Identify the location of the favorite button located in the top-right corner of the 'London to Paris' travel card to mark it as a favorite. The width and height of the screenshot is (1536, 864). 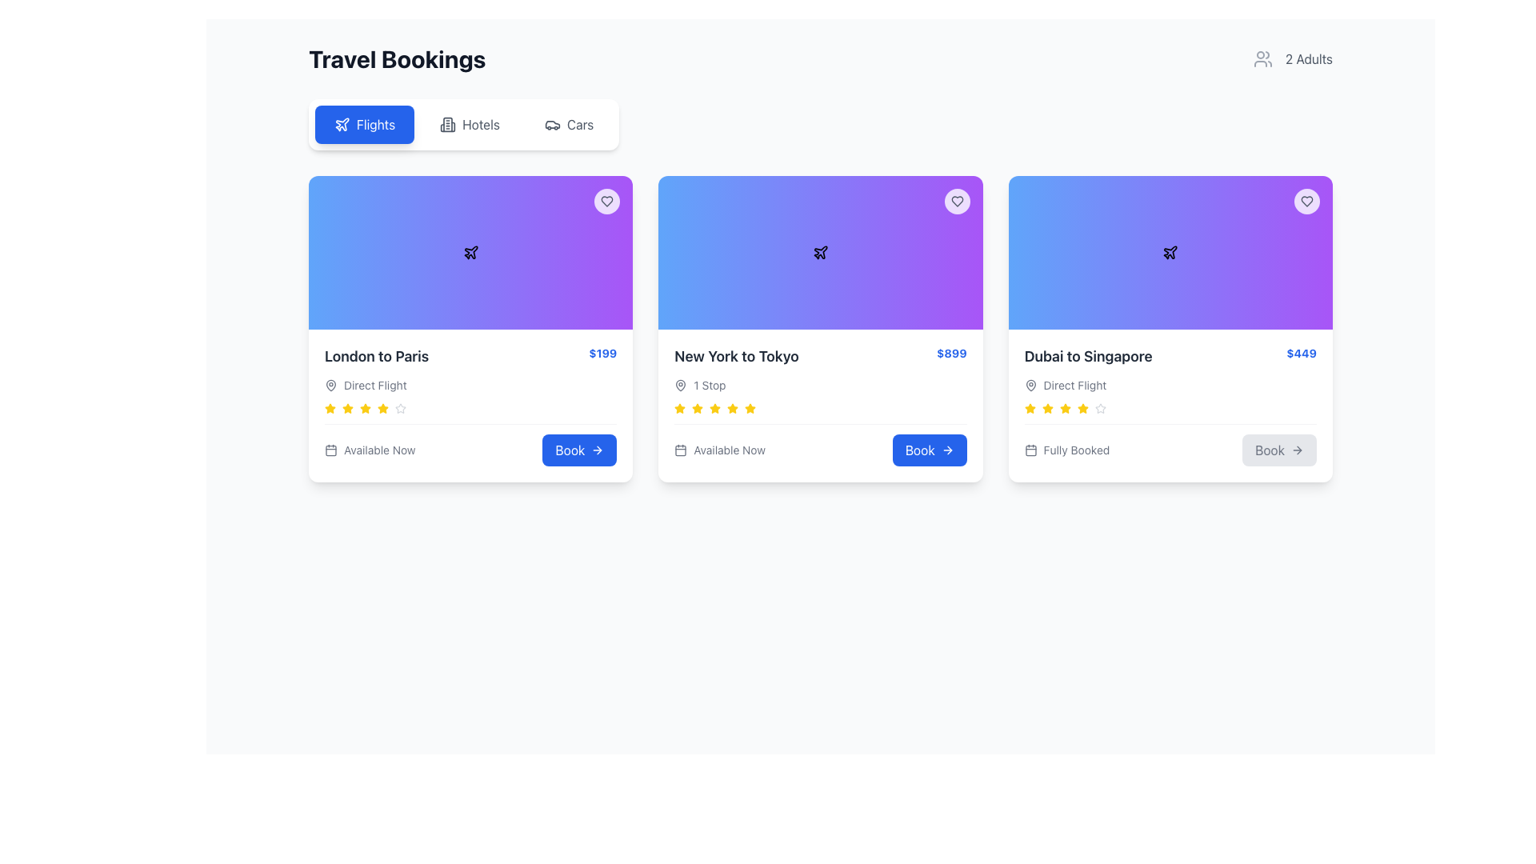
(606, 200).